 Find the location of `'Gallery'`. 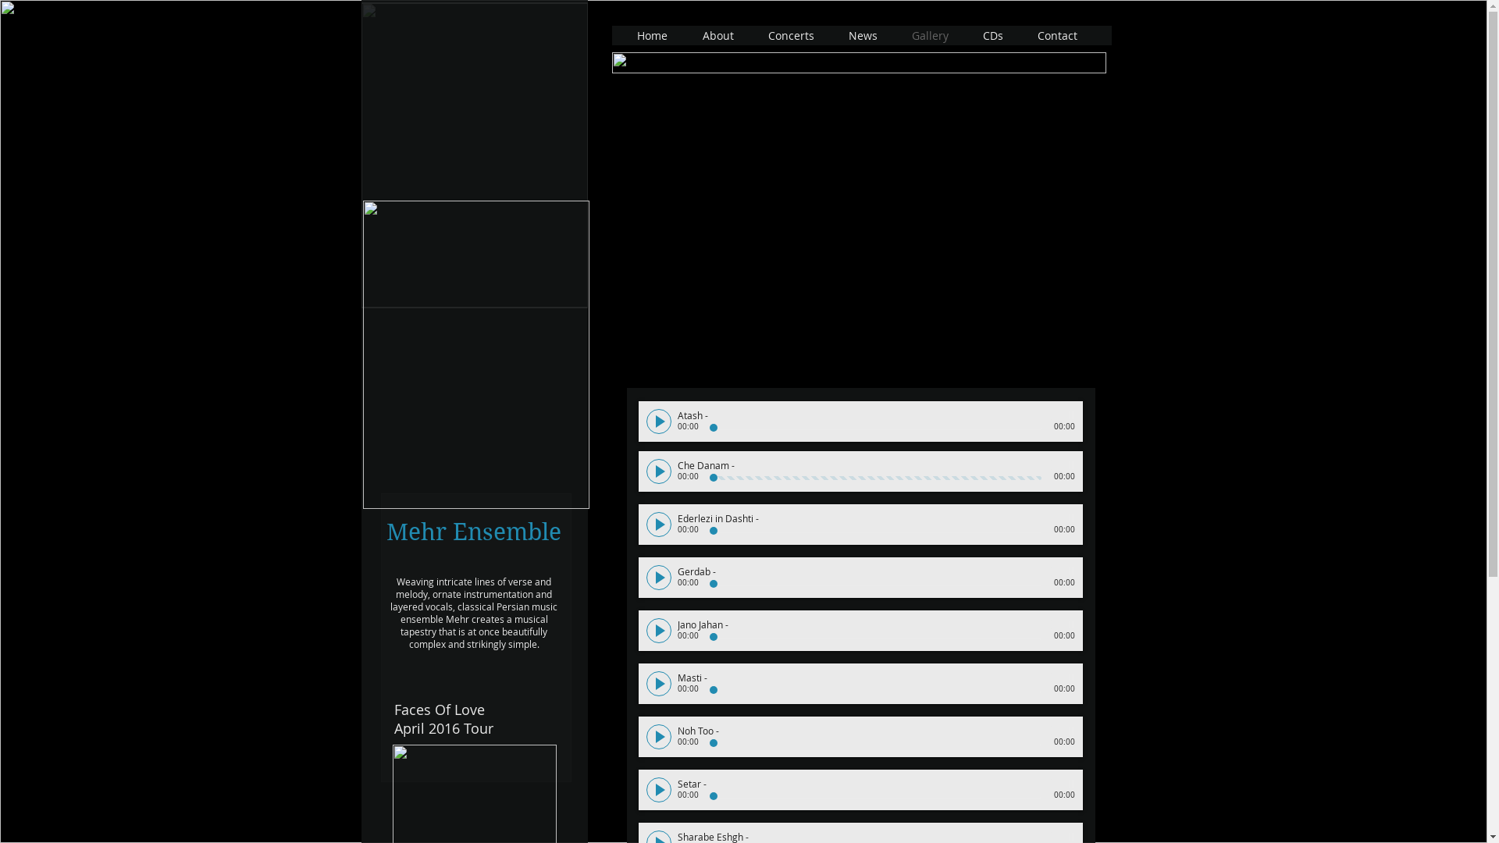

'Gallery' is located at coordinates (931, 35).